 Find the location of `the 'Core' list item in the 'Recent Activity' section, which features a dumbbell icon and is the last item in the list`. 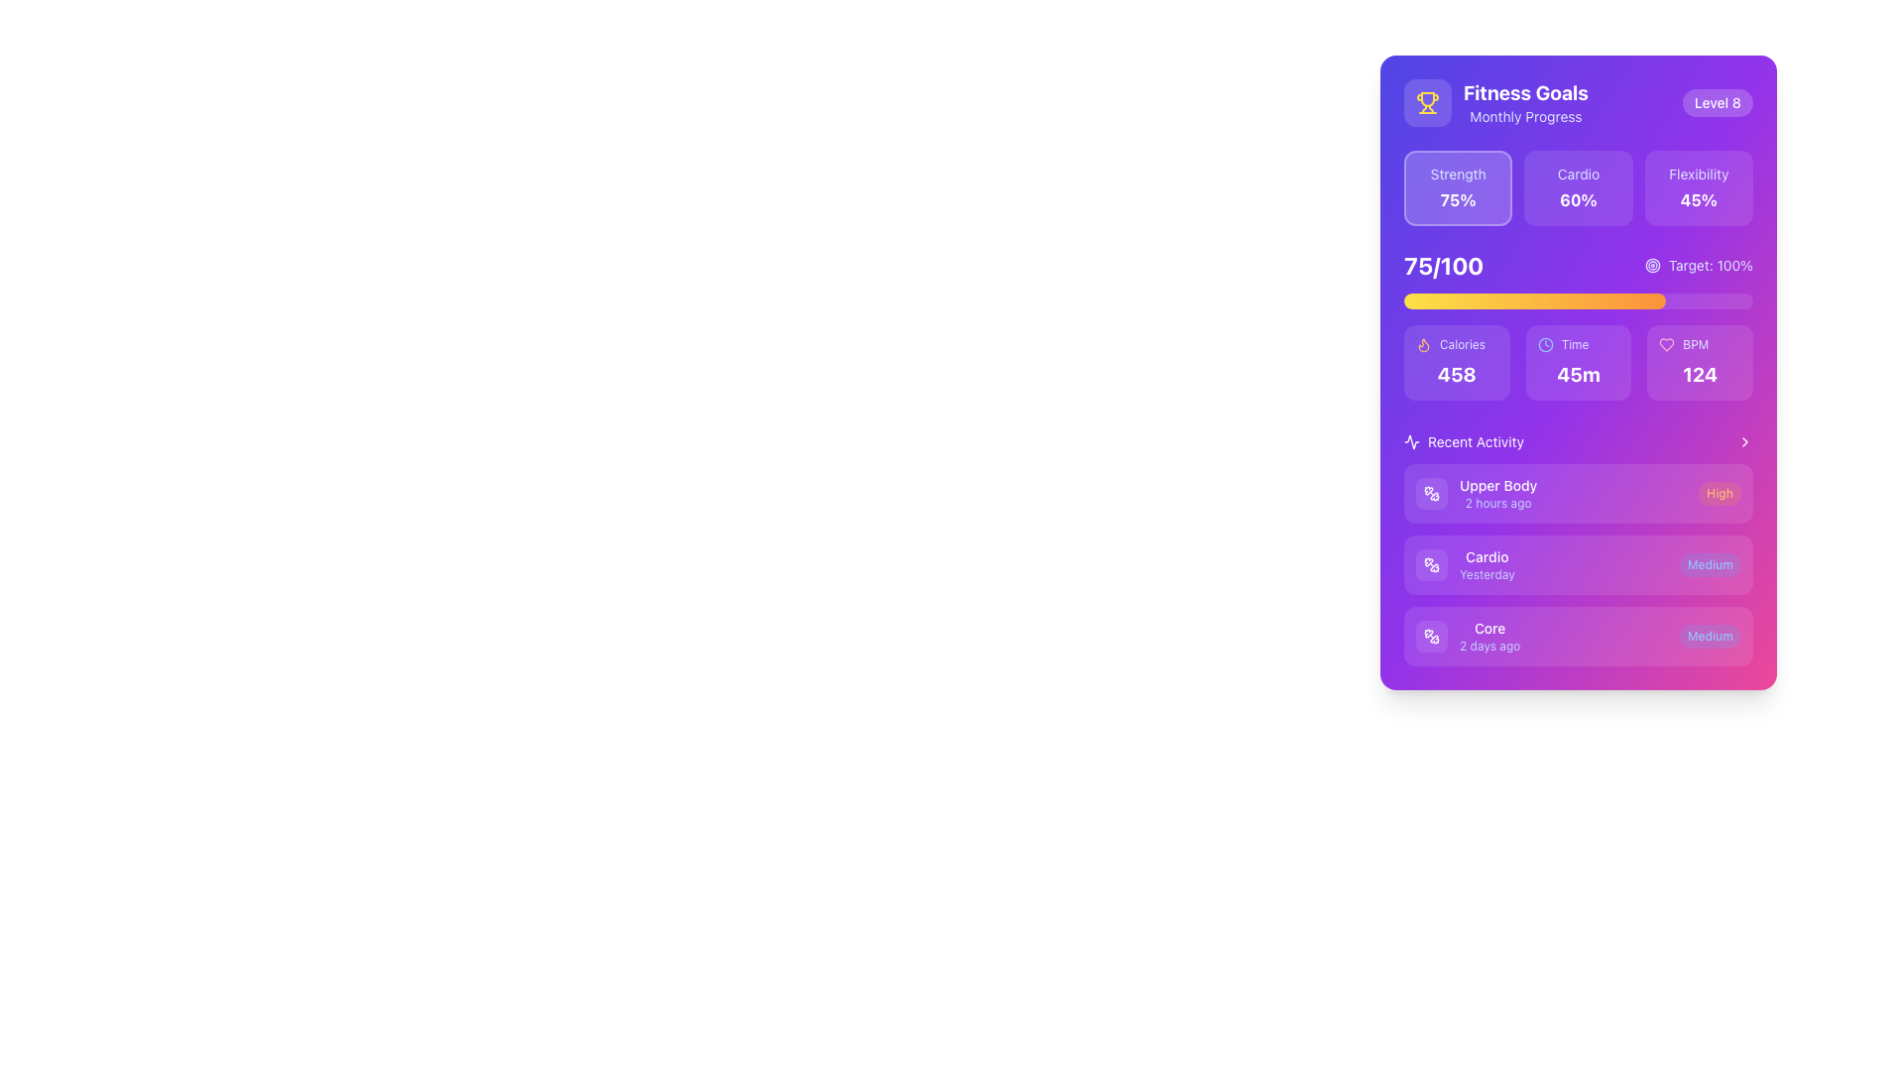

the 'Core' list item in the 'Recent Activity' section, which features a dumbbell icon and is the last item in the list is located at coordinates (1468, 636).